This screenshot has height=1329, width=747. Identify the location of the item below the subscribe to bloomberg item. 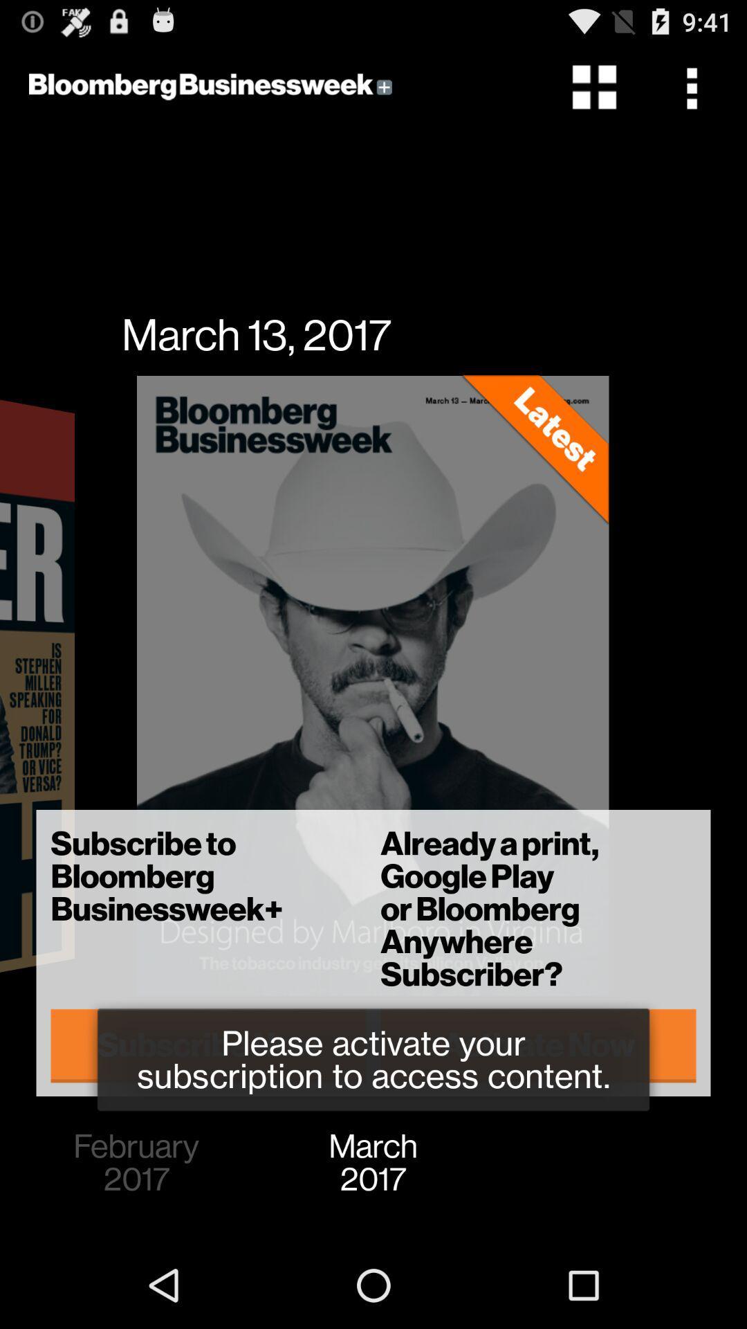
(537, 1045).